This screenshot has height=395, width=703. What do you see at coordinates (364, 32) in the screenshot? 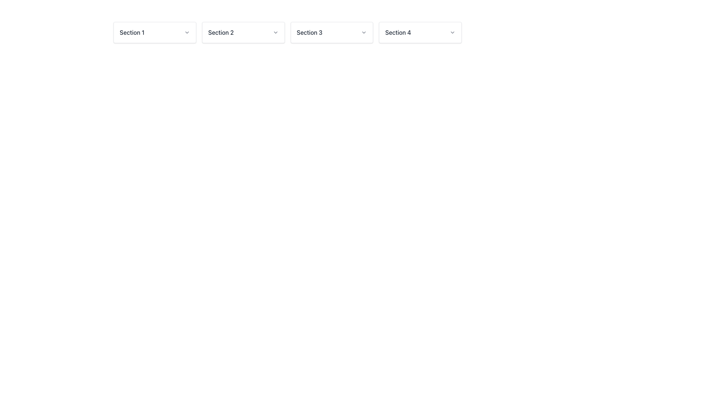
I see `the downward-pointing chevron icon located to the right of 'Section 3' in the horizontal menu bar` at bounding box center [364, 32].